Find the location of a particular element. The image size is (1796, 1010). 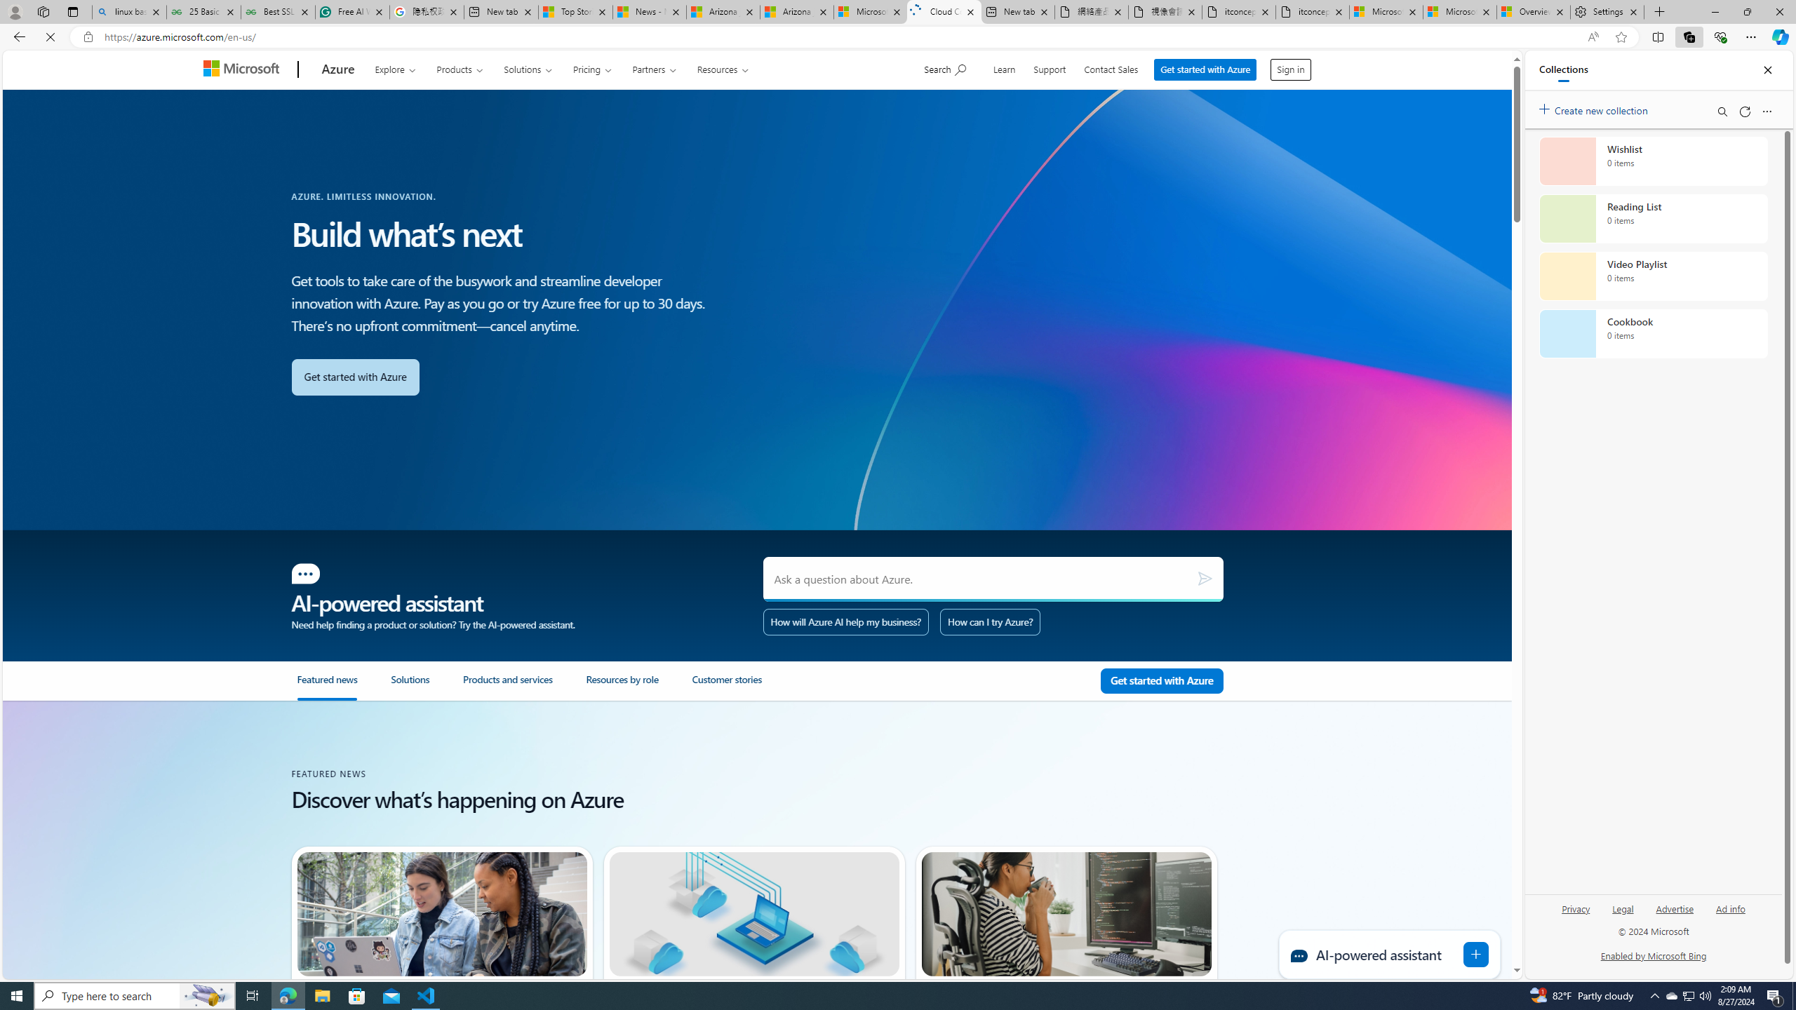

'Cloud Computing Services | Microsoft Azure' is located at coordinates (944, 11).